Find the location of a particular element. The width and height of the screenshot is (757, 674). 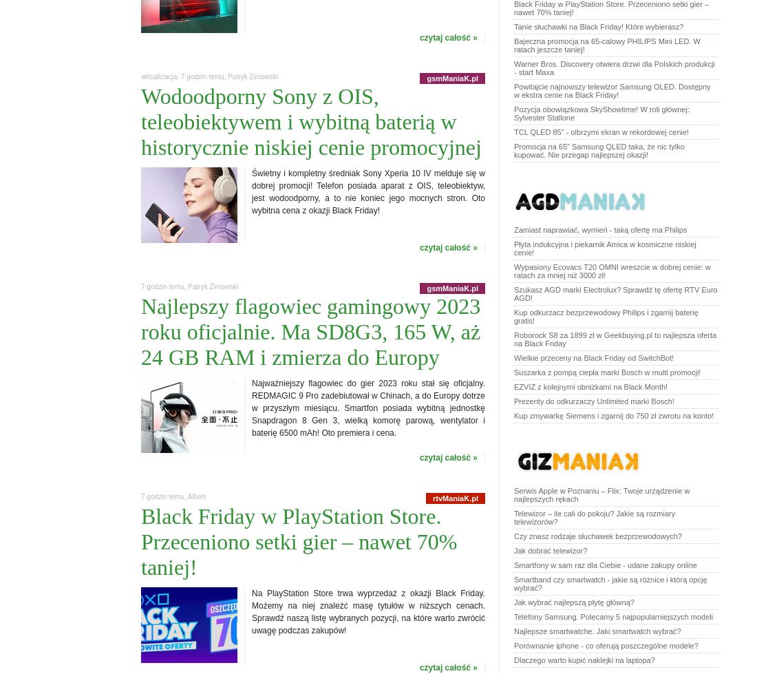

'Dlaczego warto kupić naklejki na laptopa?' is located at coordinates (583, 660).